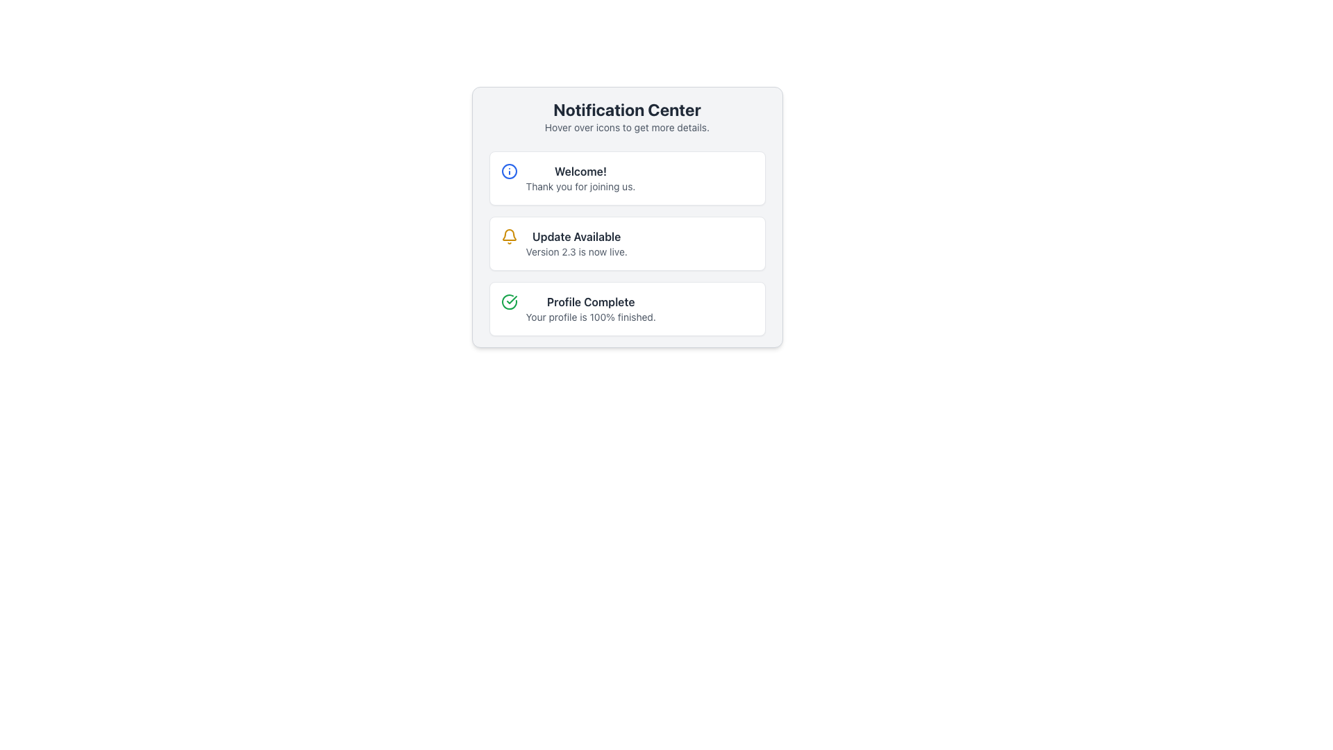 This screenshot has width=1333, height=750. What do you see at coordinates (626, 178) in the screenshot?
I see `the topmost Notification Card in the Notification Center that welcomes the user and expresses gratitude for joining` at bounding box center [626, 178].